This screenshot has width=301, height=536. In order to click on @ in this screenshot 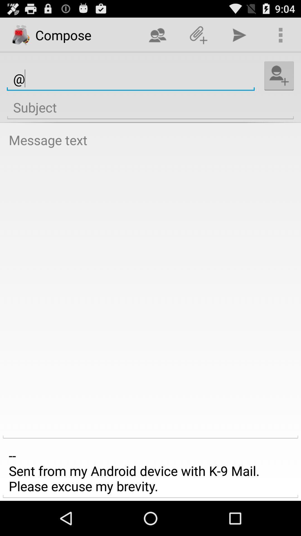, I will do `click(131, 78)`.